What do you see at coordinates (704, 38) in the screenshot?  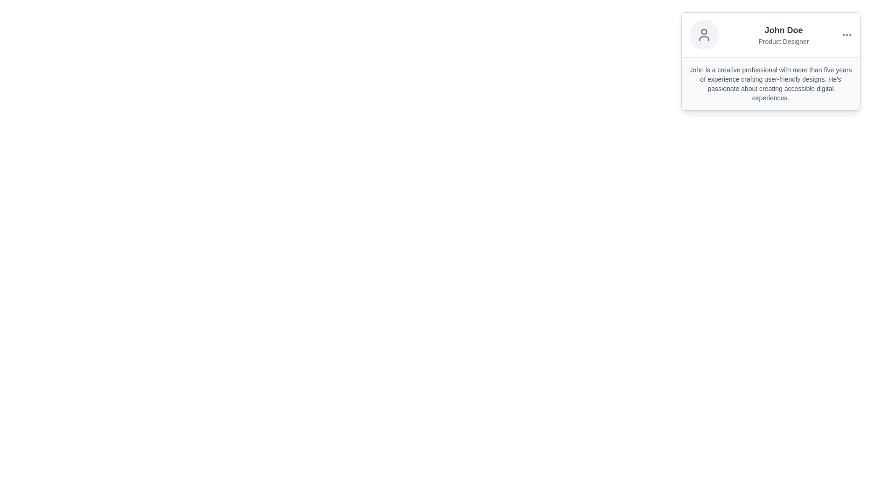 I see `the decorative vector graphic component located at the lower central part of the user avatar` at bounding box center [704, 38].